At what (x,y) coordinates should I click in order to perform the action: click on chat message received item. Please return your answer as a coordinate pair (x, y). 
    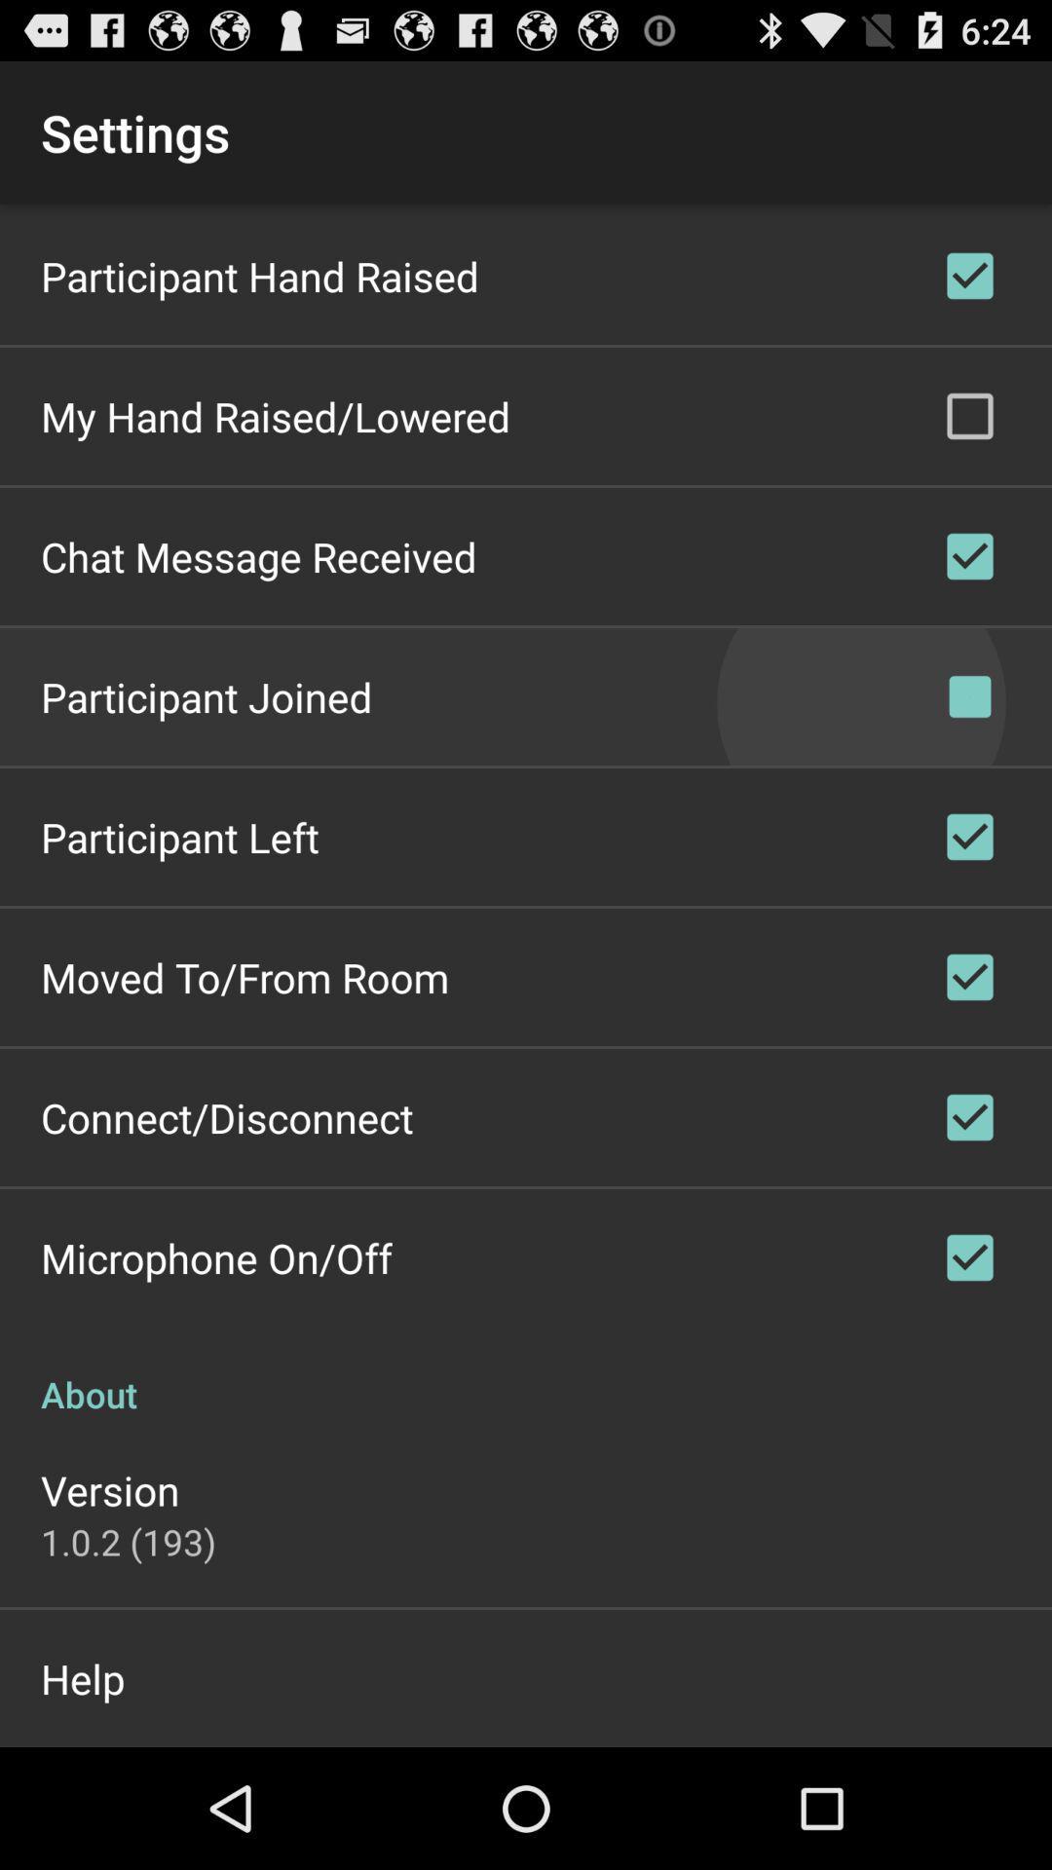
    Looking at the image, I should click on (257, 555).